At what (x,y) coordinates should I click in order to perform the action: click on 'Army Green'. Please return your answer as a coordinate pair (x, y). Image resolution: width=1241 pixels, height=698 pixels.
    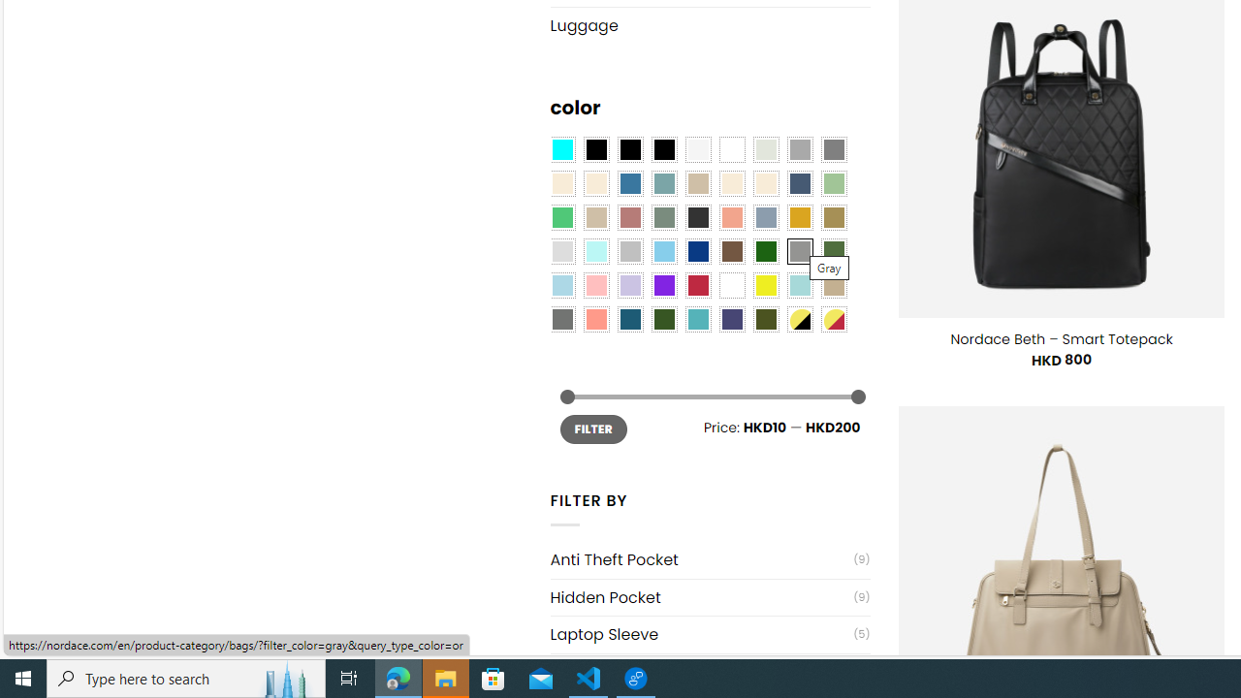
    Looking at the image, I should click on (764, 318).